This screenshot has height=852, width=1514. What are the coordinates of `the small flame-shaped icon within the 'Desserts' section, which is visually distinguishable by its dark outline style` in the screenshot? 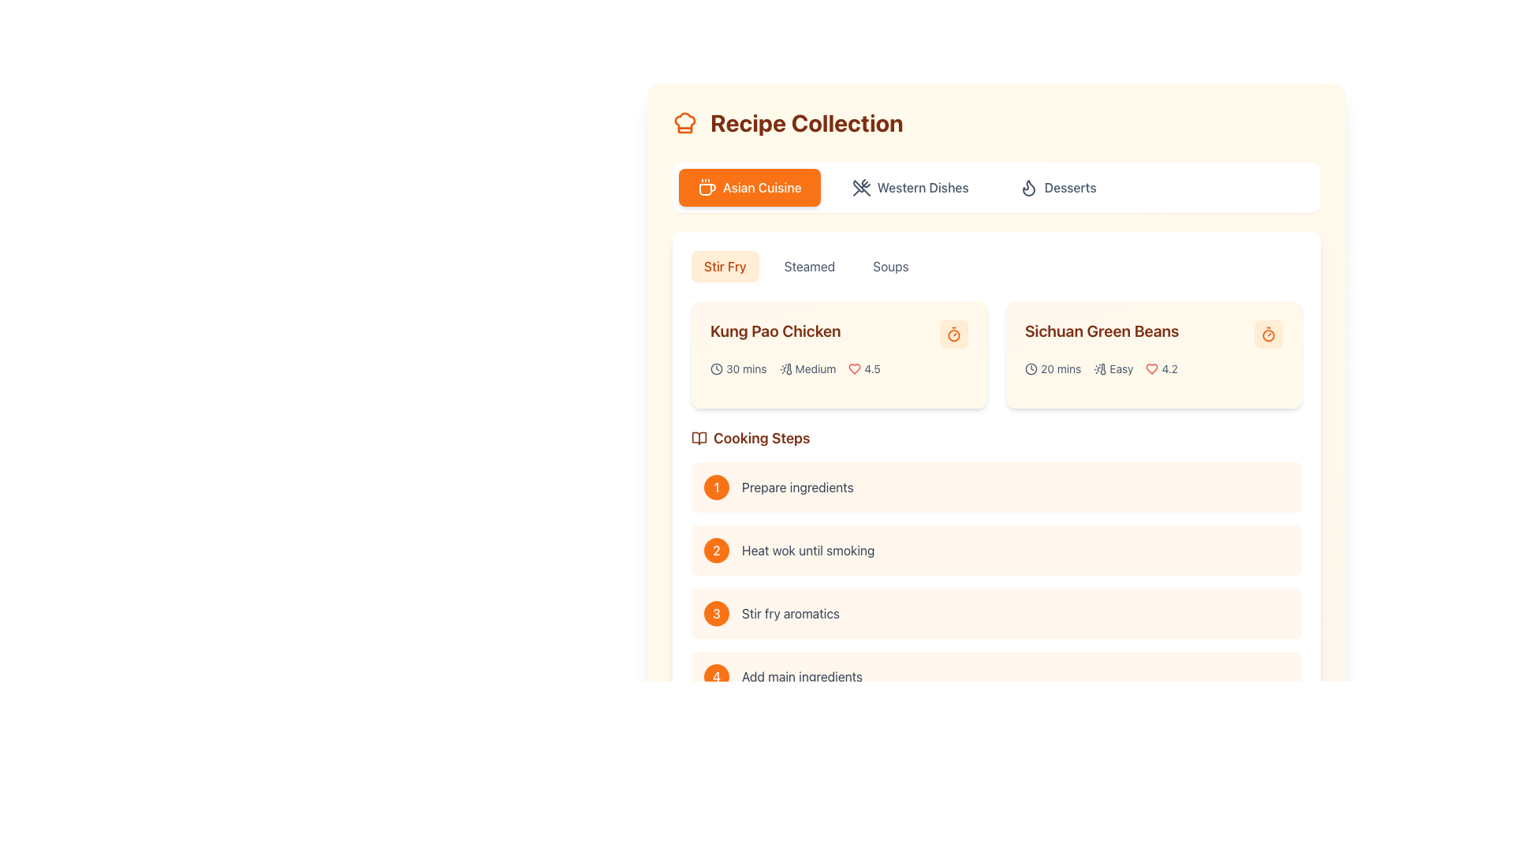 It's located at (1028, 187).